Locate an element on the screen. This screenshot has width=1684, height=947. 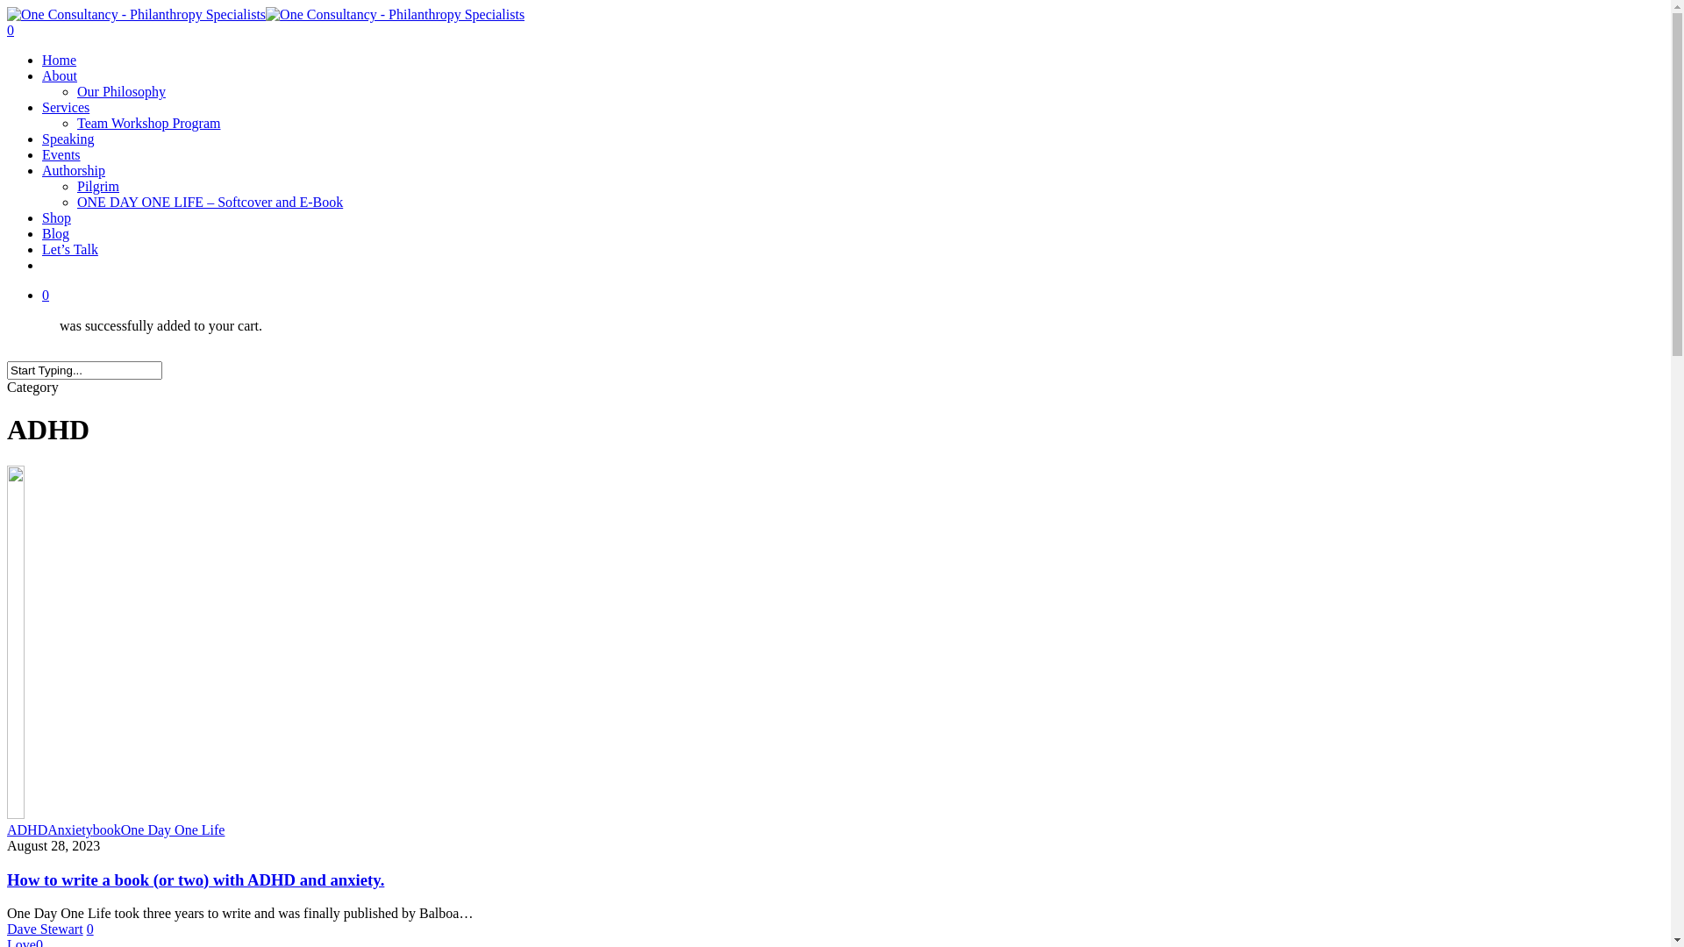
'Skip to main content' is located at coordinates (6, 6).